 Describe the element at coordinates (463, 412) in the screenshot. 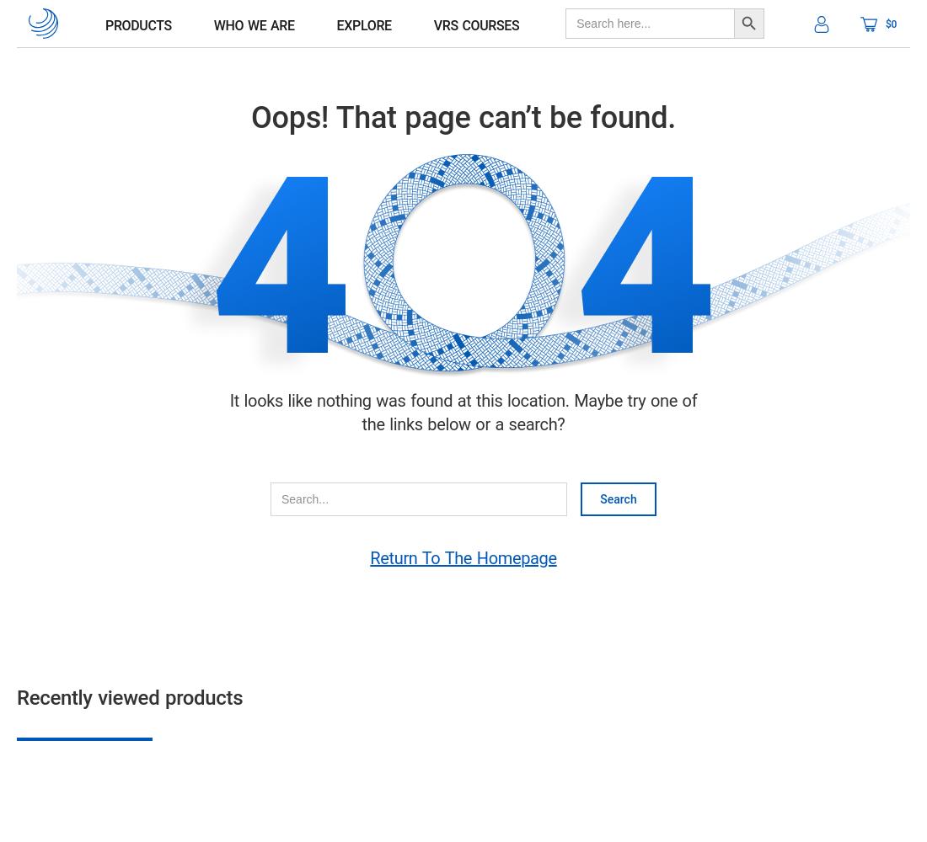

I see `'It looks like nothing was found at this location. Maybe try one of the links below or a search?'` at that location.